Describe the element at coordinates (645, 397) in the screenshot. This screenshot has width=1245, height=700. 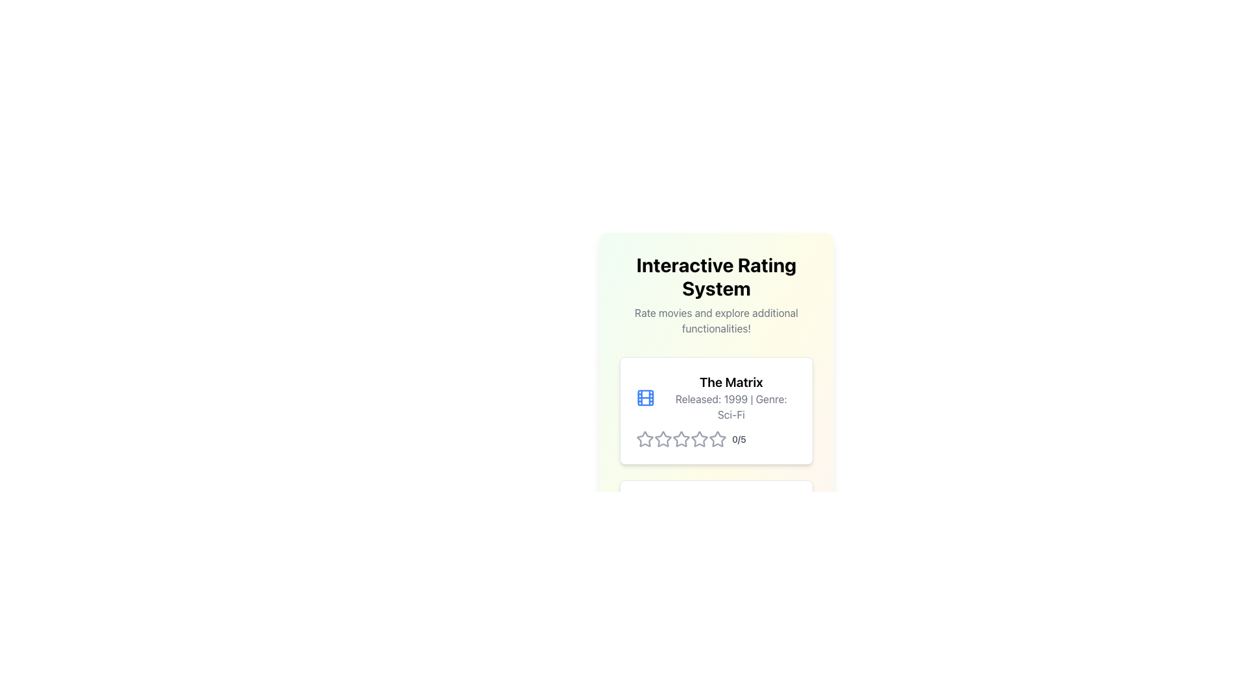
I see `the film reel icon located to the left of the text 'The Matrix' in the interface` at that location.